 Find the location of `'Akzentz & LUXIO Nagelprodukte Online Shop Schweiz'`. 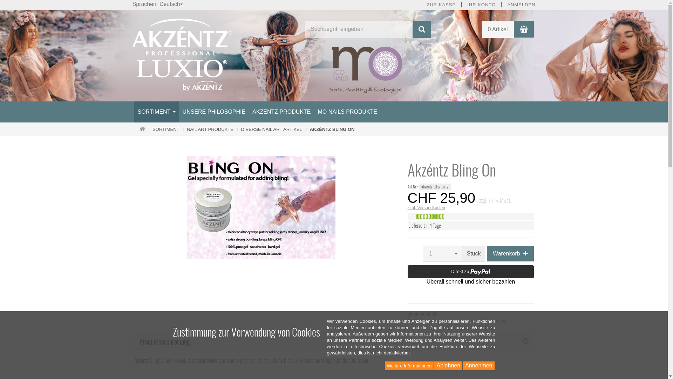

'Akzentz & LUXIO Nagelprodukte Online Shop Schweiz' is located at coordinates (182, 54).